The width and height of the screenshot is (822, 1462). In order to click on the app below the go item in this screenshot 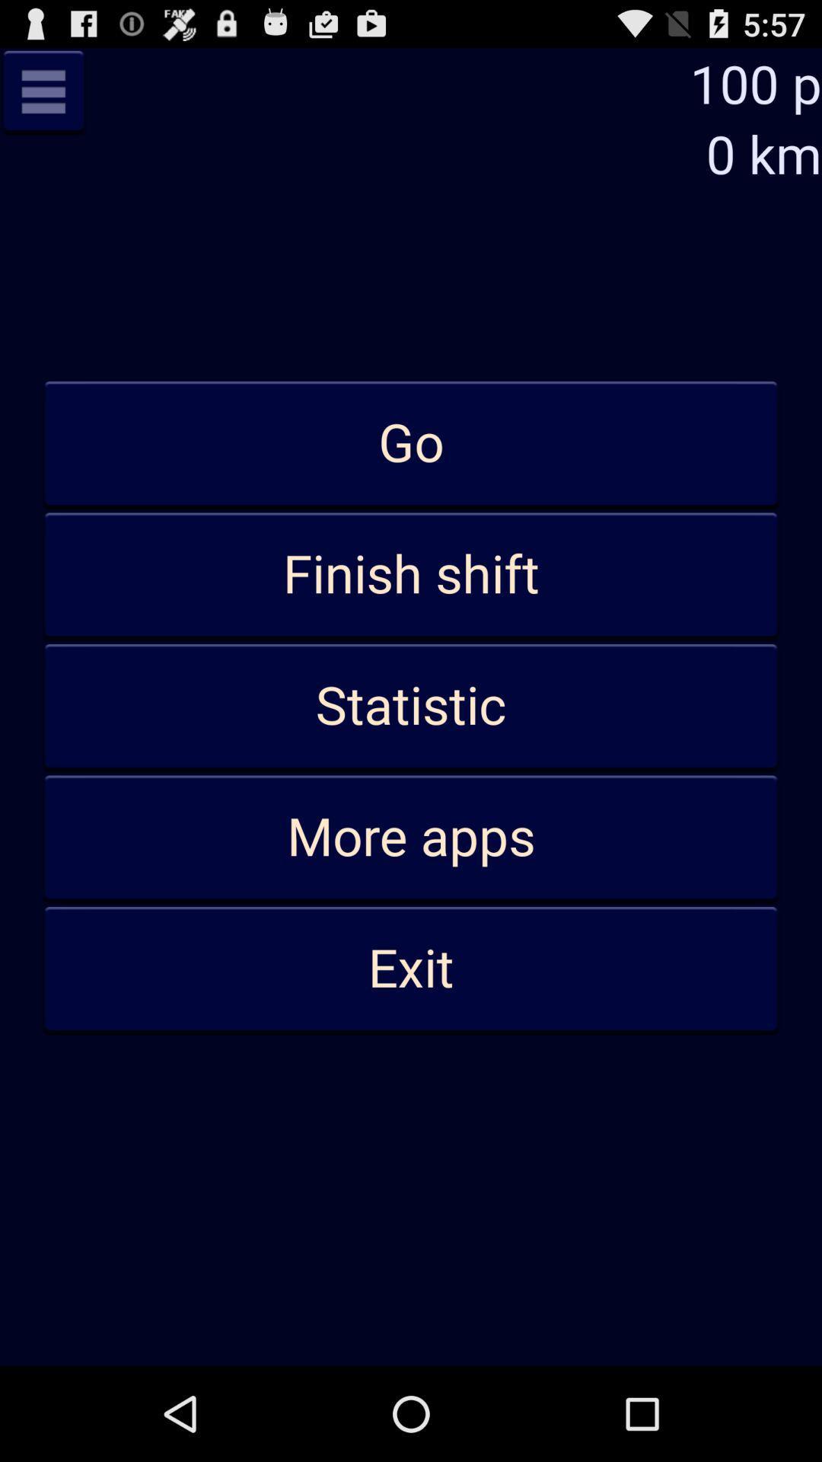, I will do `click(411, 575)`.